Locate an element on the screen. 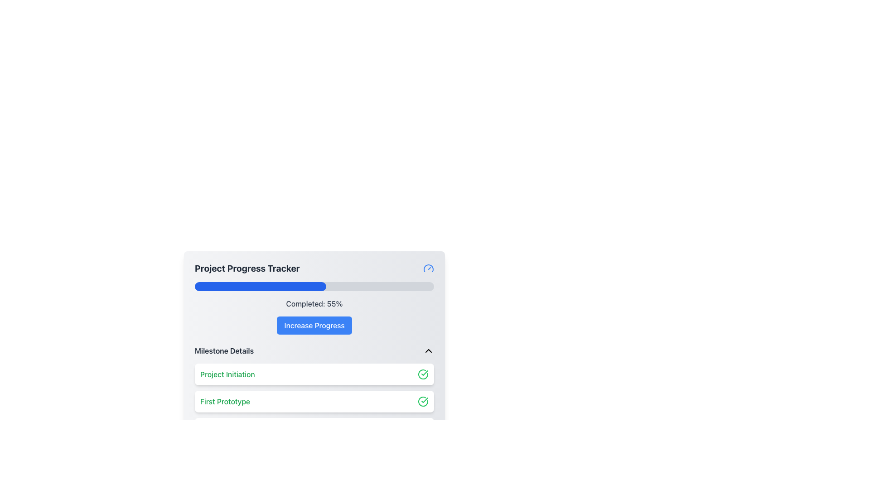 The image size is (870, 489). the static text label displaying 'Completed: 55%' which is styled with a medium font weight and located within a card-like interface is located at coordinates (314, 304).